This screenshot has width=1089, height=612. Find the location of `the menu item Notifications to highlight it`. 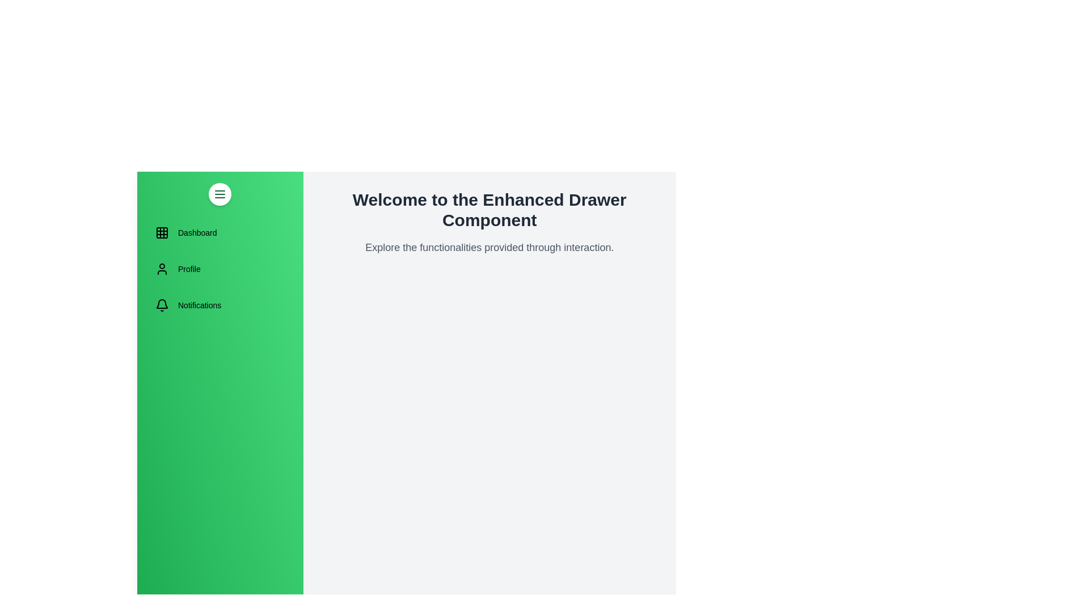

the menu item Notifications to highlight it is located at coordinates (220, 305).